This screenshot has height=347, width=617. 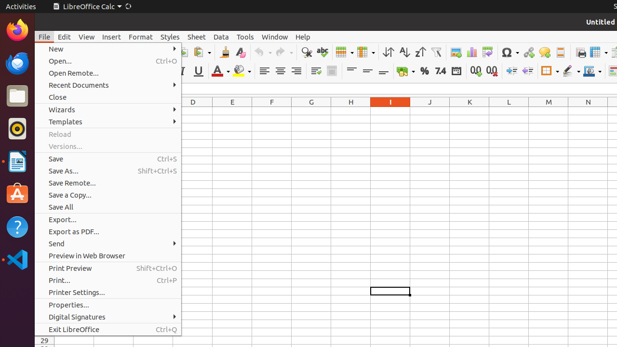 What do you see at coordinates (140, 36) in the screenshot?
I see `'Format'` at bounding box center [140, 36].